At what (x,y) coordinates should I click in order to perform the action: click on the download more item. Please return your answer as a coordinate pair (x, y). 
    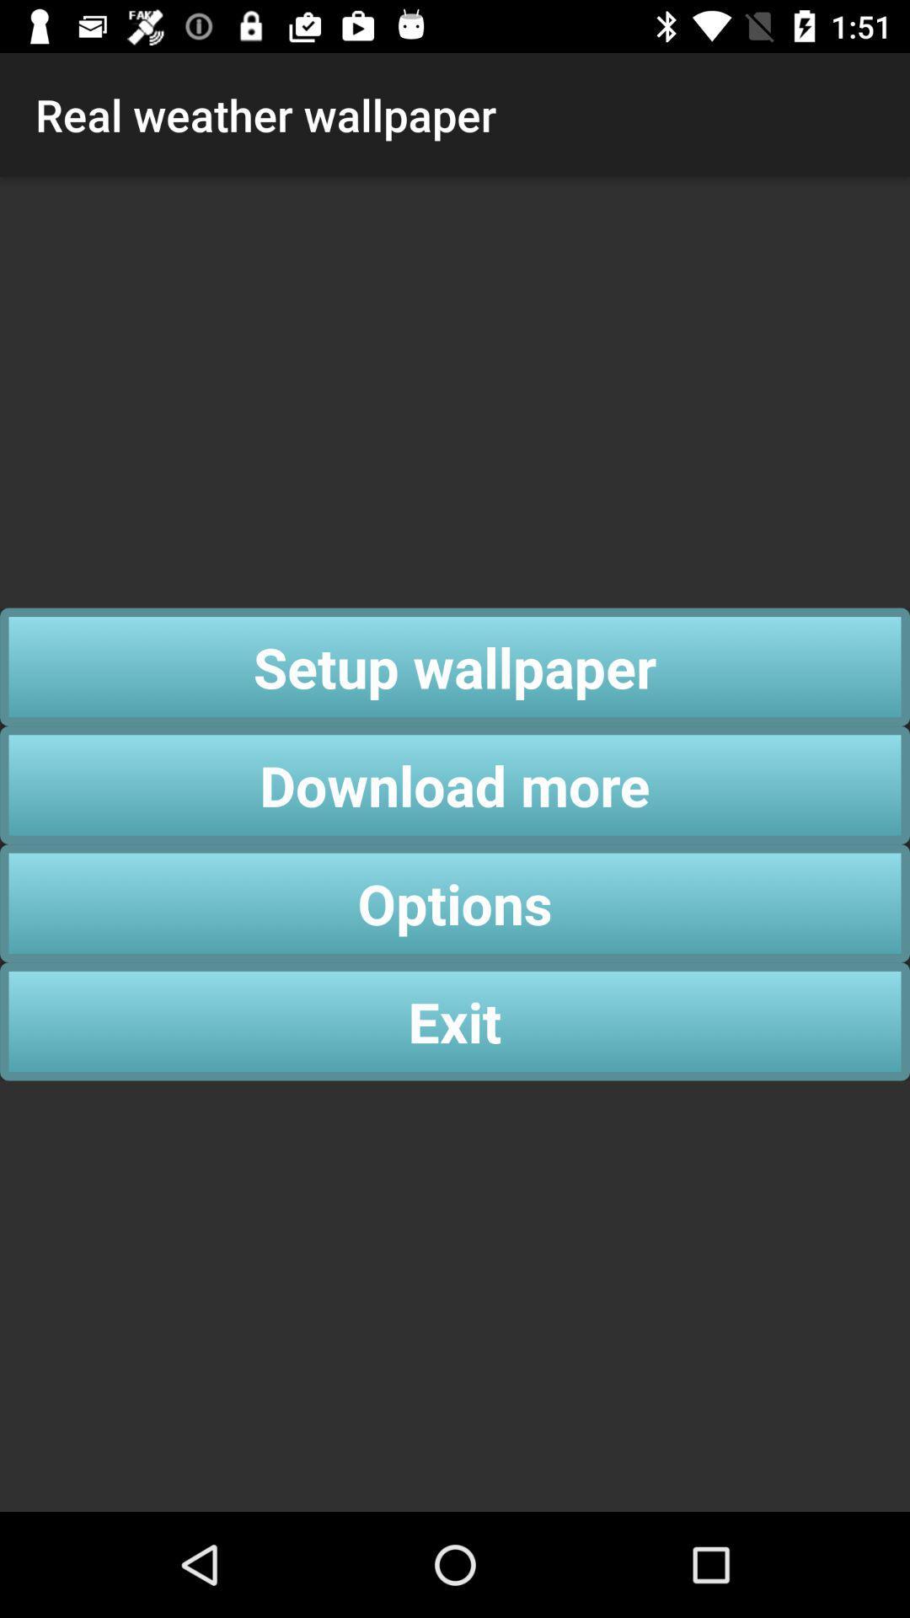
    Looking at the image, I should click on (455, 784).